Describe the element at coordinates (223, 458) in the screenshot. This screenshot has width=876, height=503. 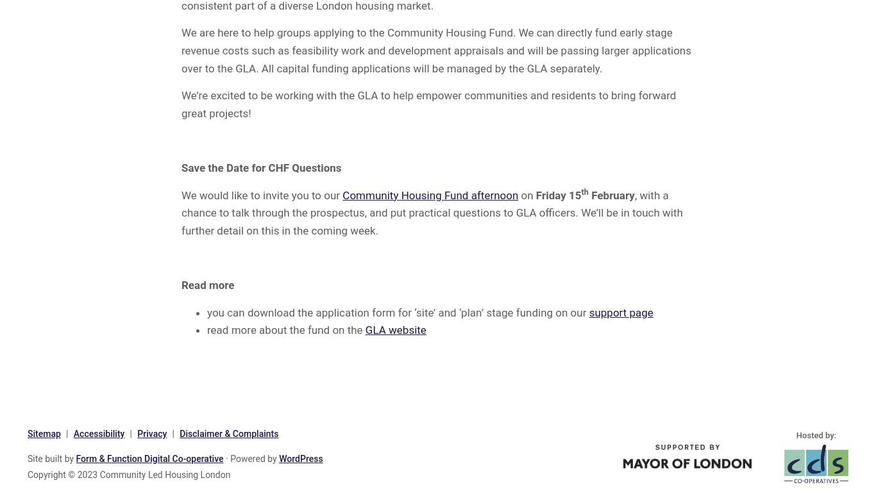
I see `'· Powered by'` at that location.